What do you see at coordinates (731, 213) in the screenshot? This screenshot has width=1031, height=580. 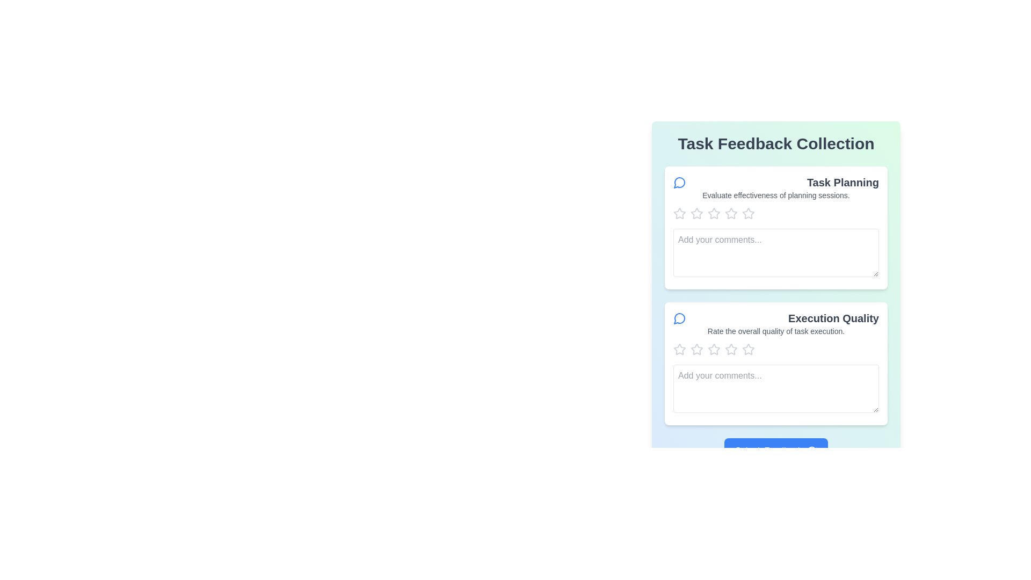 I see `the 5th star icon in the 'Task Planning' section` at bounding box center [731, 213].